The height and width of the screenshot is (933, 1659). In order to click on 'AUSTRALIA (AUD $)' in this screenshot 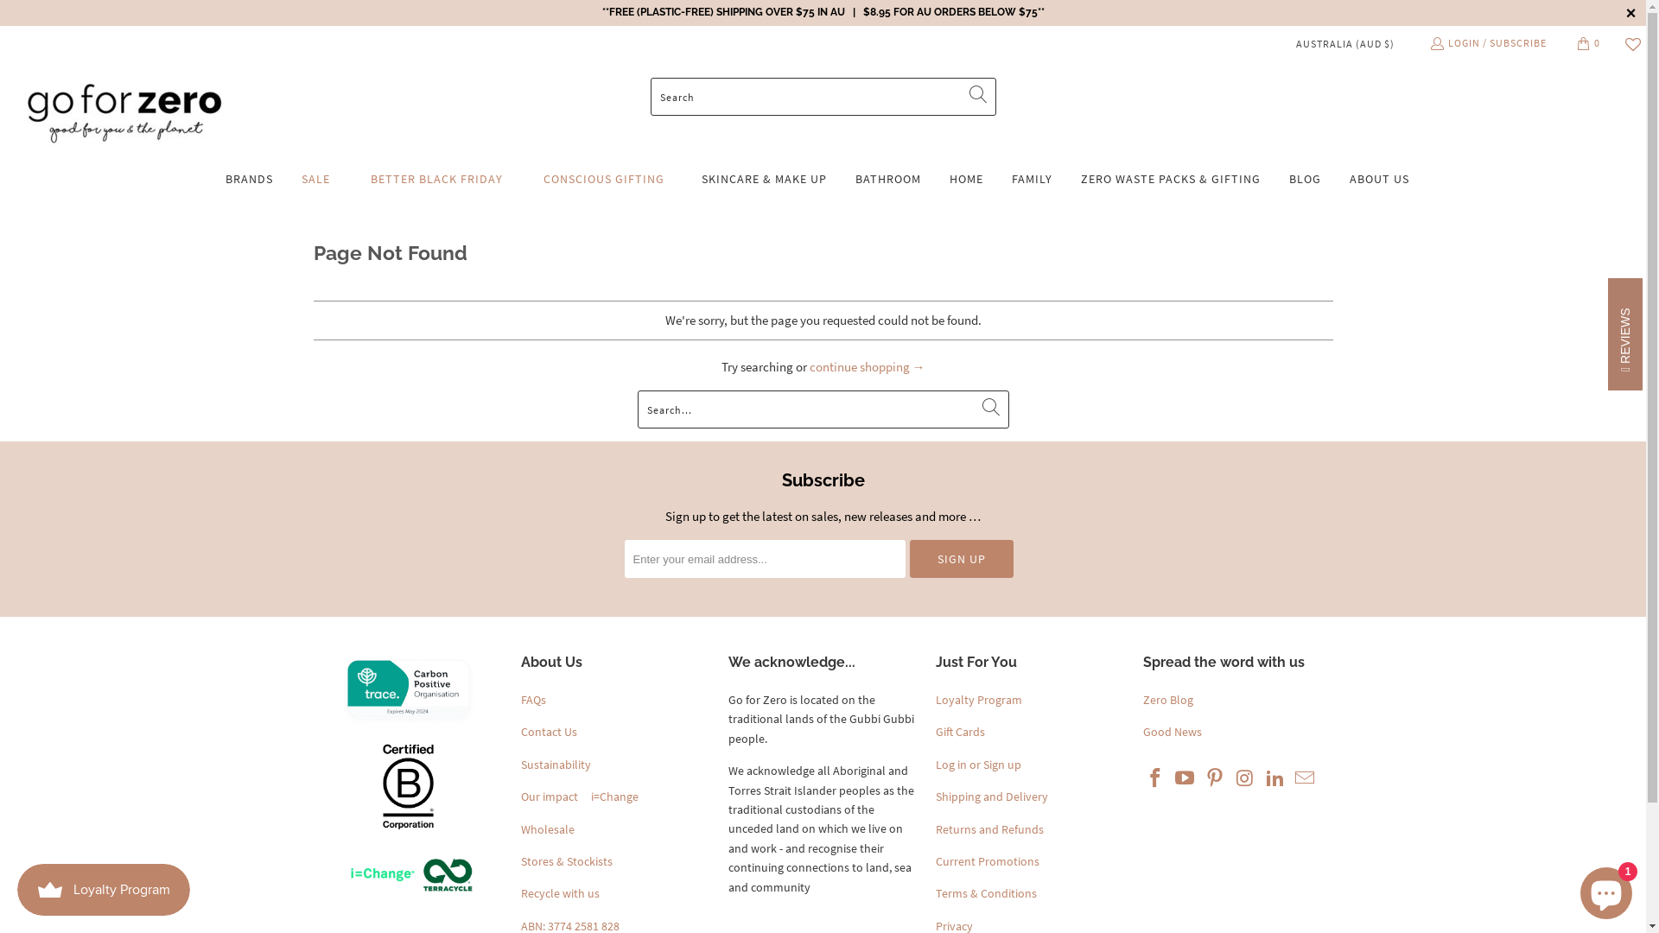, I will do `click(1338, 42)`.